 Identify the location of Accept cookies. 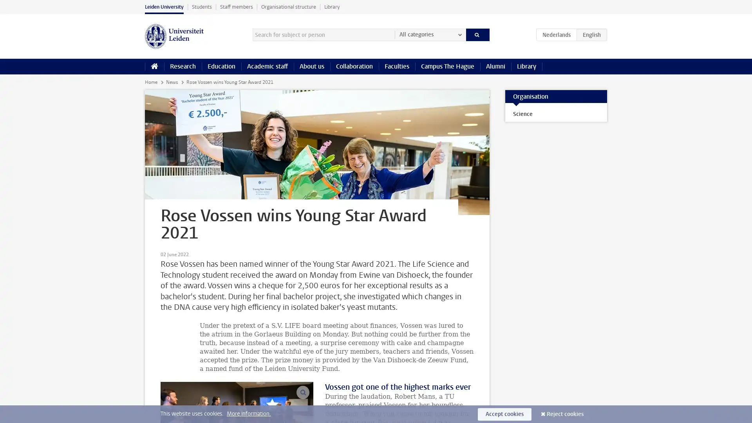
(504, 414).